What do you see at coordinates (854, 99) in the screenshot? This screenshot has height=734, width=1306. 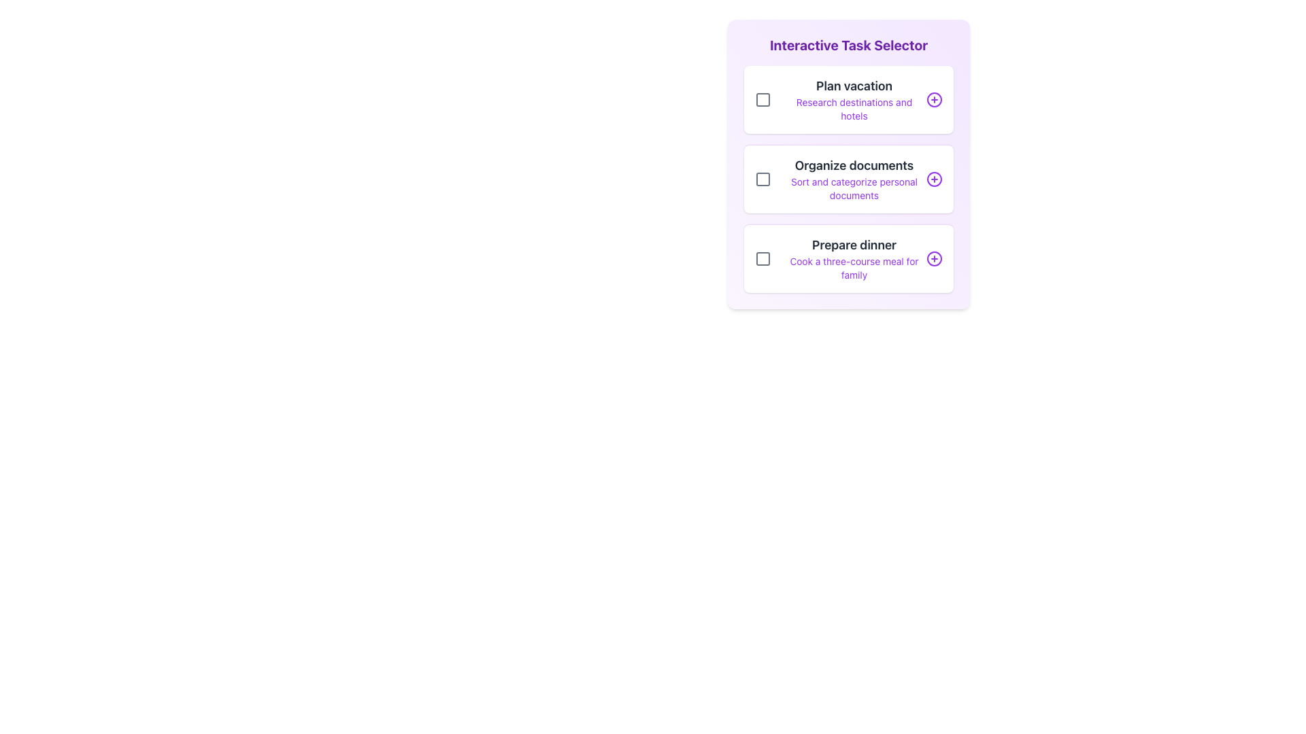 I see `the text block labeled 'Plan vacation' which describes the task 'Research destinations and hotels.' This text block is the first item in the 'Interactive Task Selector' list` at bounding box center [854, 99].